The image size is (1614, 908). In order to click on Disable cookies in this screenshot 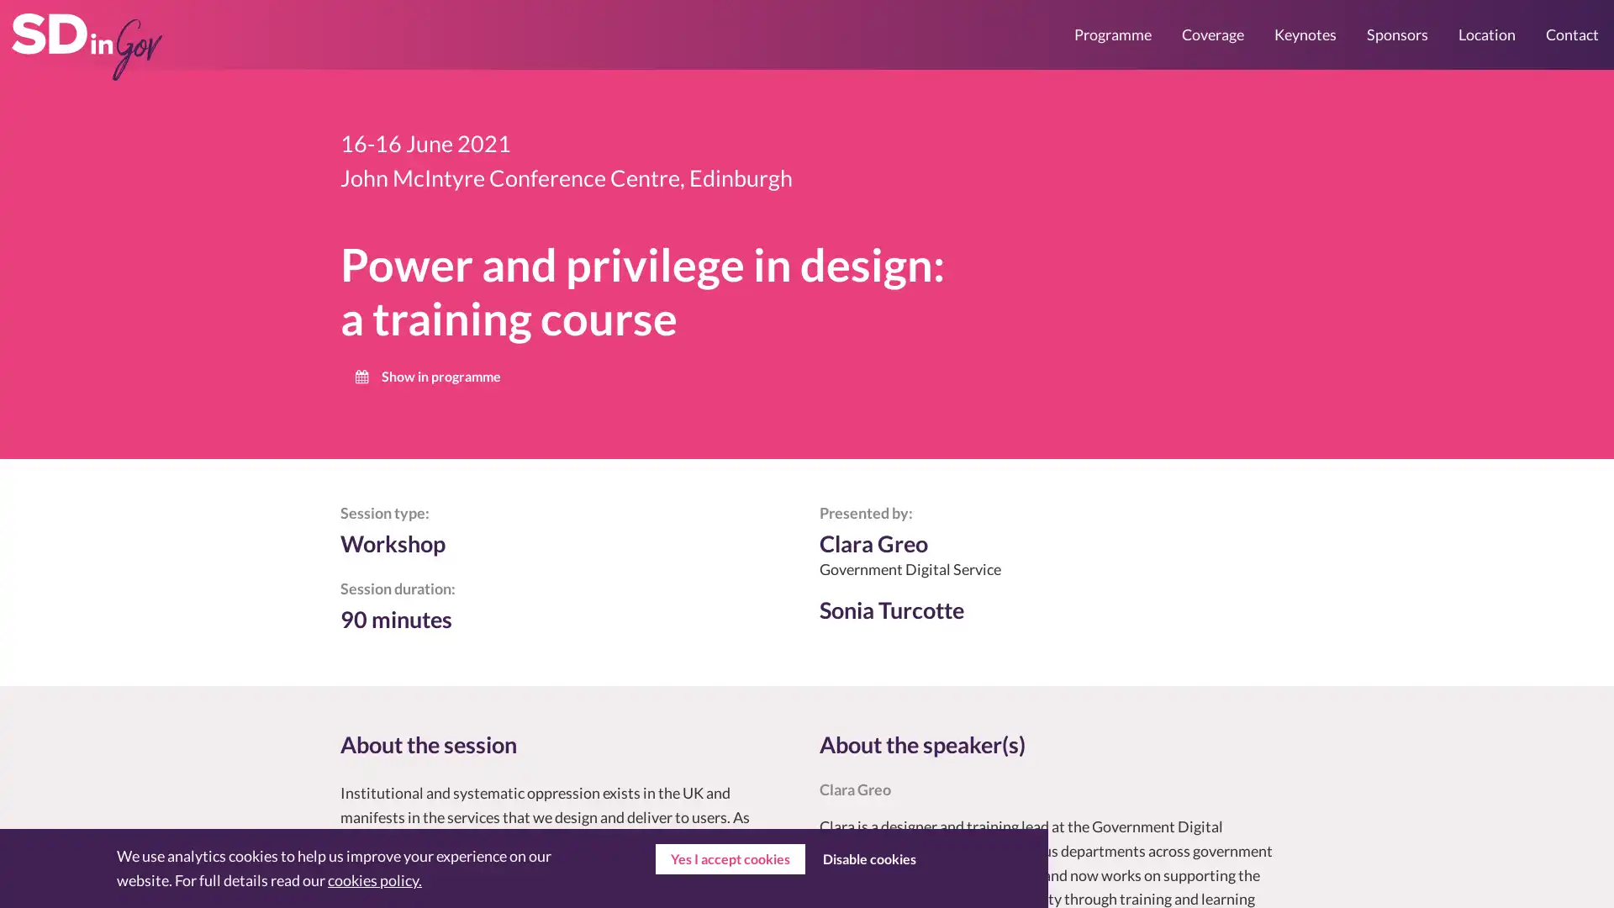, I will do `click(868, 859)`.